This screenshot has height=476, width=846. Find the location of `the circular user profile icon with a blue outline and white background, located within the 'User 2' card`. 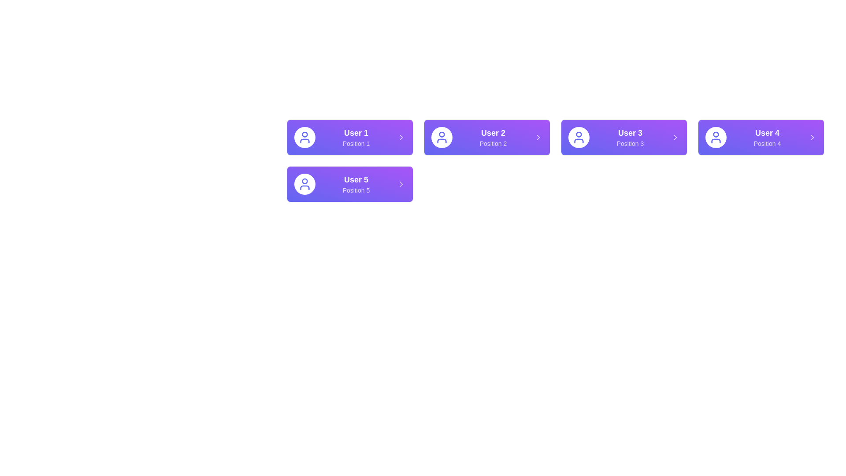

the circular user profile icon with a blue outline and white background, located within the 'User 2' card is located at coordinates (442, 138).